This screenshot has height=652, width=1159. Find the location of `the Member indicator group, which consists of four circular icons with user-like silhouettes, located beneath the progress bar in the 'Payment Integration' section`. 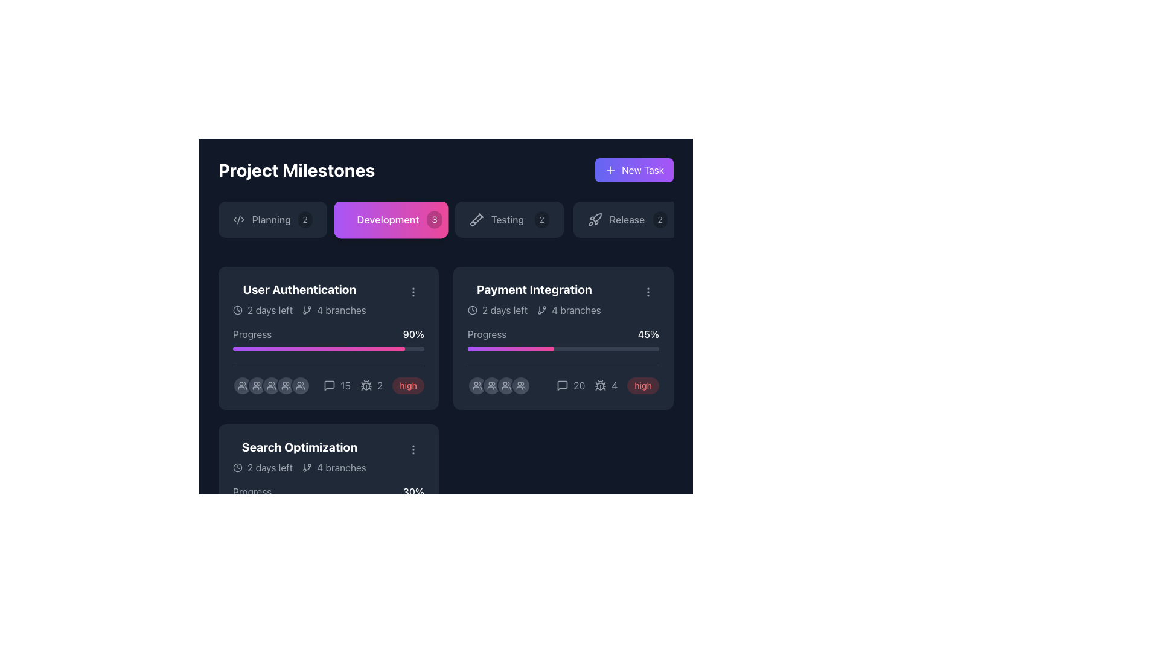

the Member indicator group, which consists of four circular icons with user-like silhouettes, located beneath the progress bar in the 'Payment Integration' section is located at coordinates (499, 386).